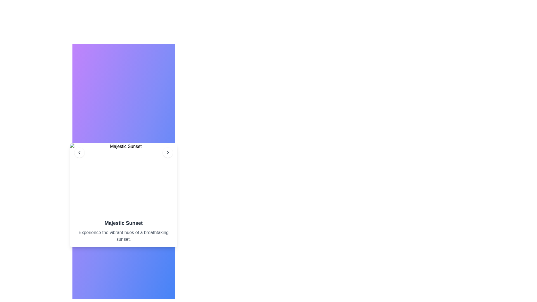  Describe the element at coordinates (123, 223) in the screenshot. I see `the bold headline text 'Majestic Sunset' that is styled with 'text-lg font-semibold'` at that location.